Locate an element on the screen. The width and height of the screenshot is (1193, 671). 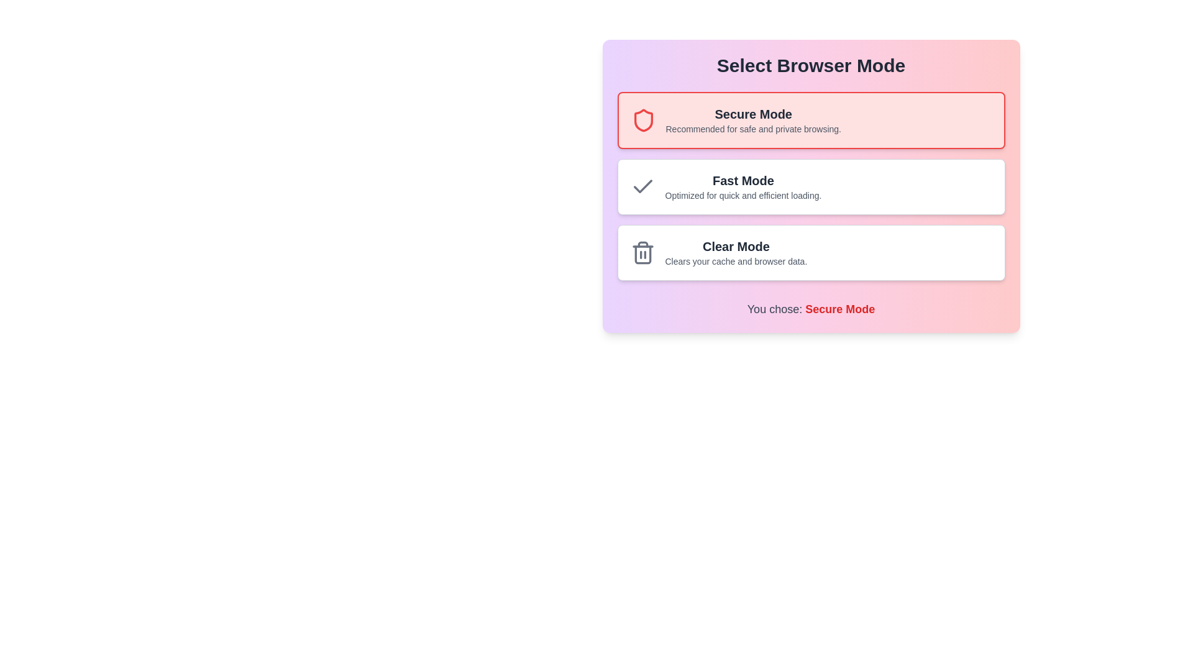
the 'Fast Mode' text label, which is displayed in a bold, large font style with a dark gray color, centrally aligned within its white rectangular box is located at coordinates (743, 180).